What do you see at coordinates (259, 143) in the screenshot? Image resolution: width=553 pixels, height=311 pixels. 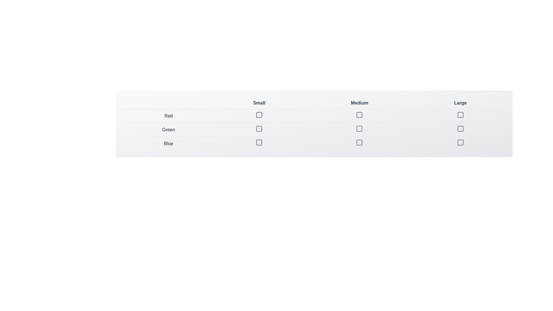 I see `the checkbox in the 'Small' size option for the 'Blue' color category` at bounding box center [259, 143].